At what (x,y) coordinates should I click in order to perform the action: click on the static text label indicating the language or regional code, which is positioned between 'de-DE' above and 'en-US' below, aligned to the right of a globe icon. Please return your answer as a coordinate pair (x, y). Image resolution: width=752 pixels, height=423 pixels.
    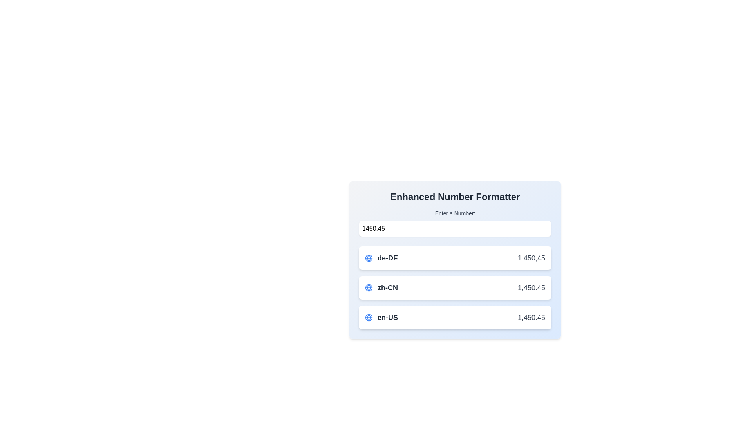
    Looking at the image, I should click on (387, 288).